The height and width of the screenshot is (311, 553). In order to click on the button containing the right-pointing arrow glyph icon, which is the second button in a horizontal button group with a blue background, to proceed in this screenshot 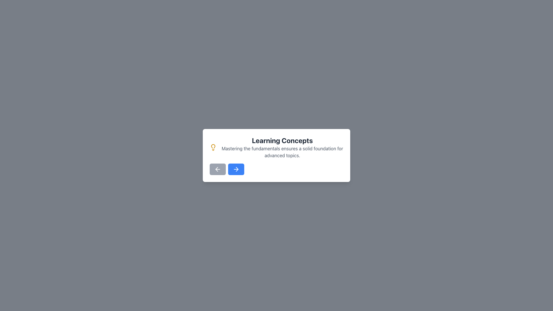, I will do `click(237, 169)`.